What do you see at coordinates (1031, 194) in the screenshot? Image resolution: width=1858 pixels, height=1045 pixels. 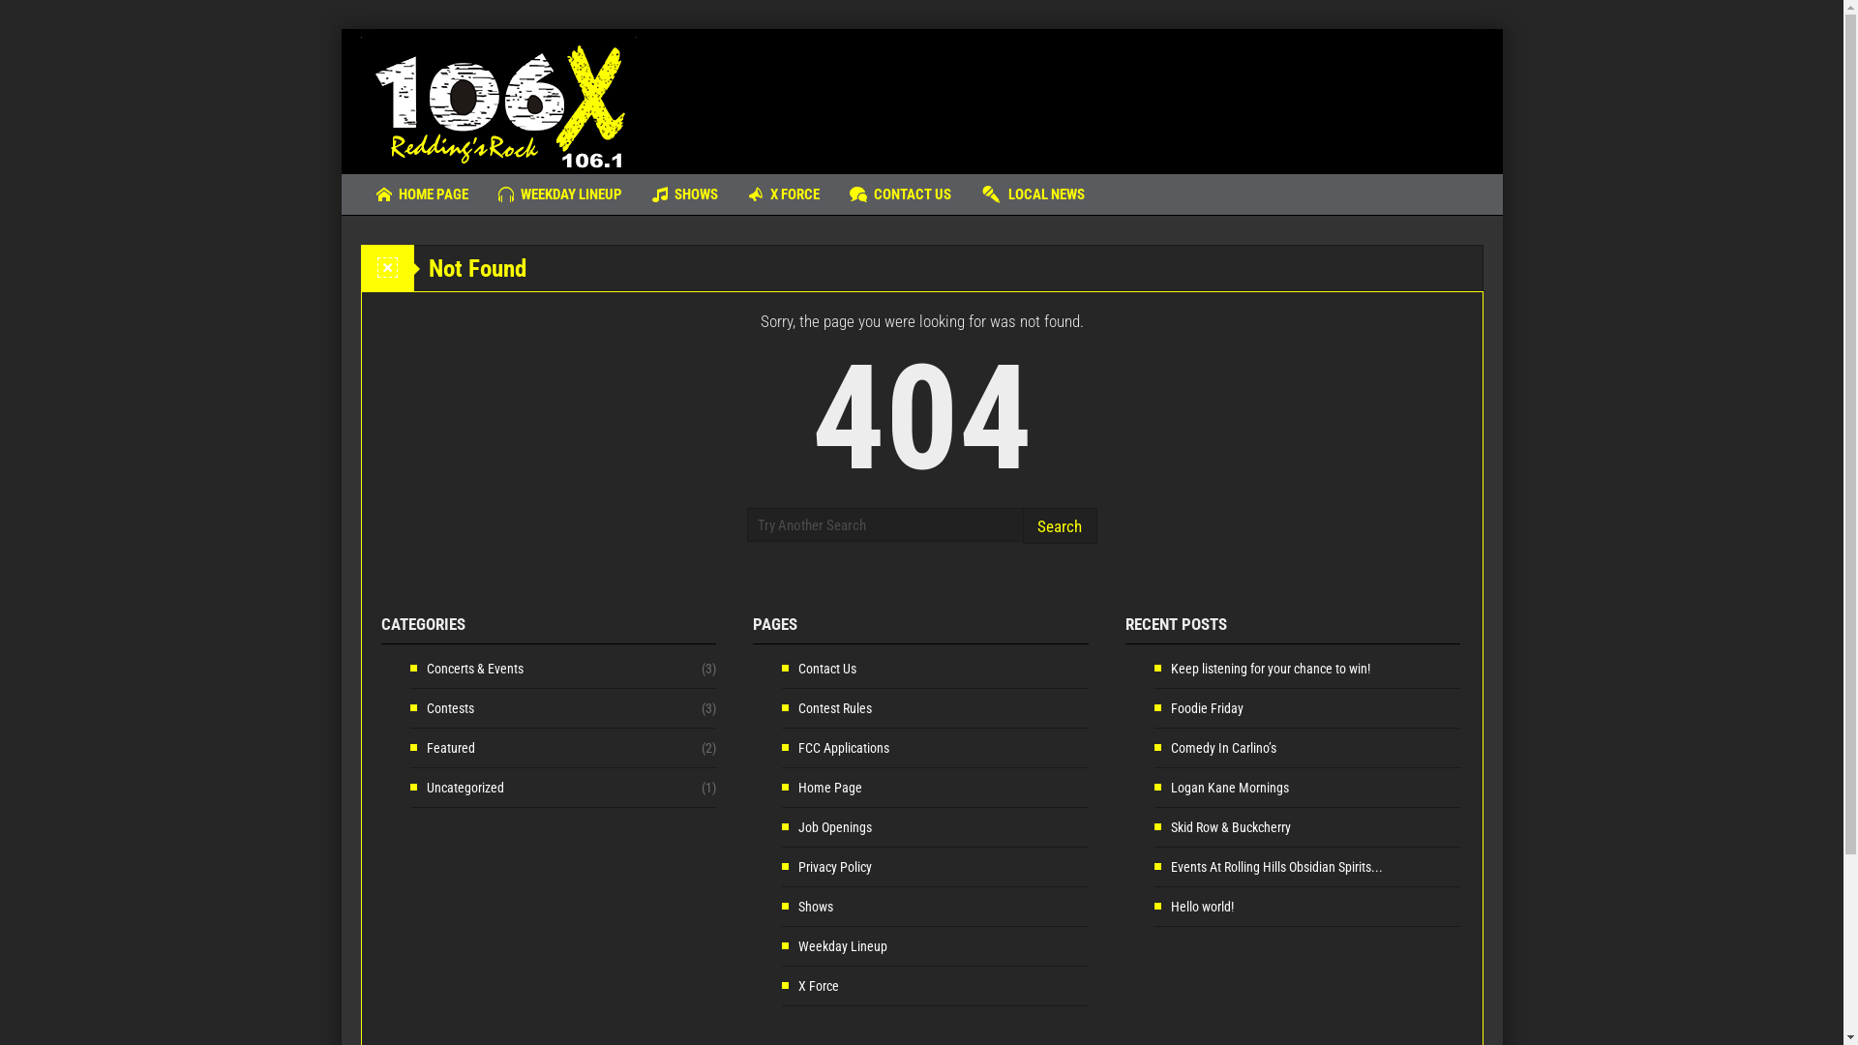 I see `'LOCAL NEWS'` at bounding box center [1031, 194].